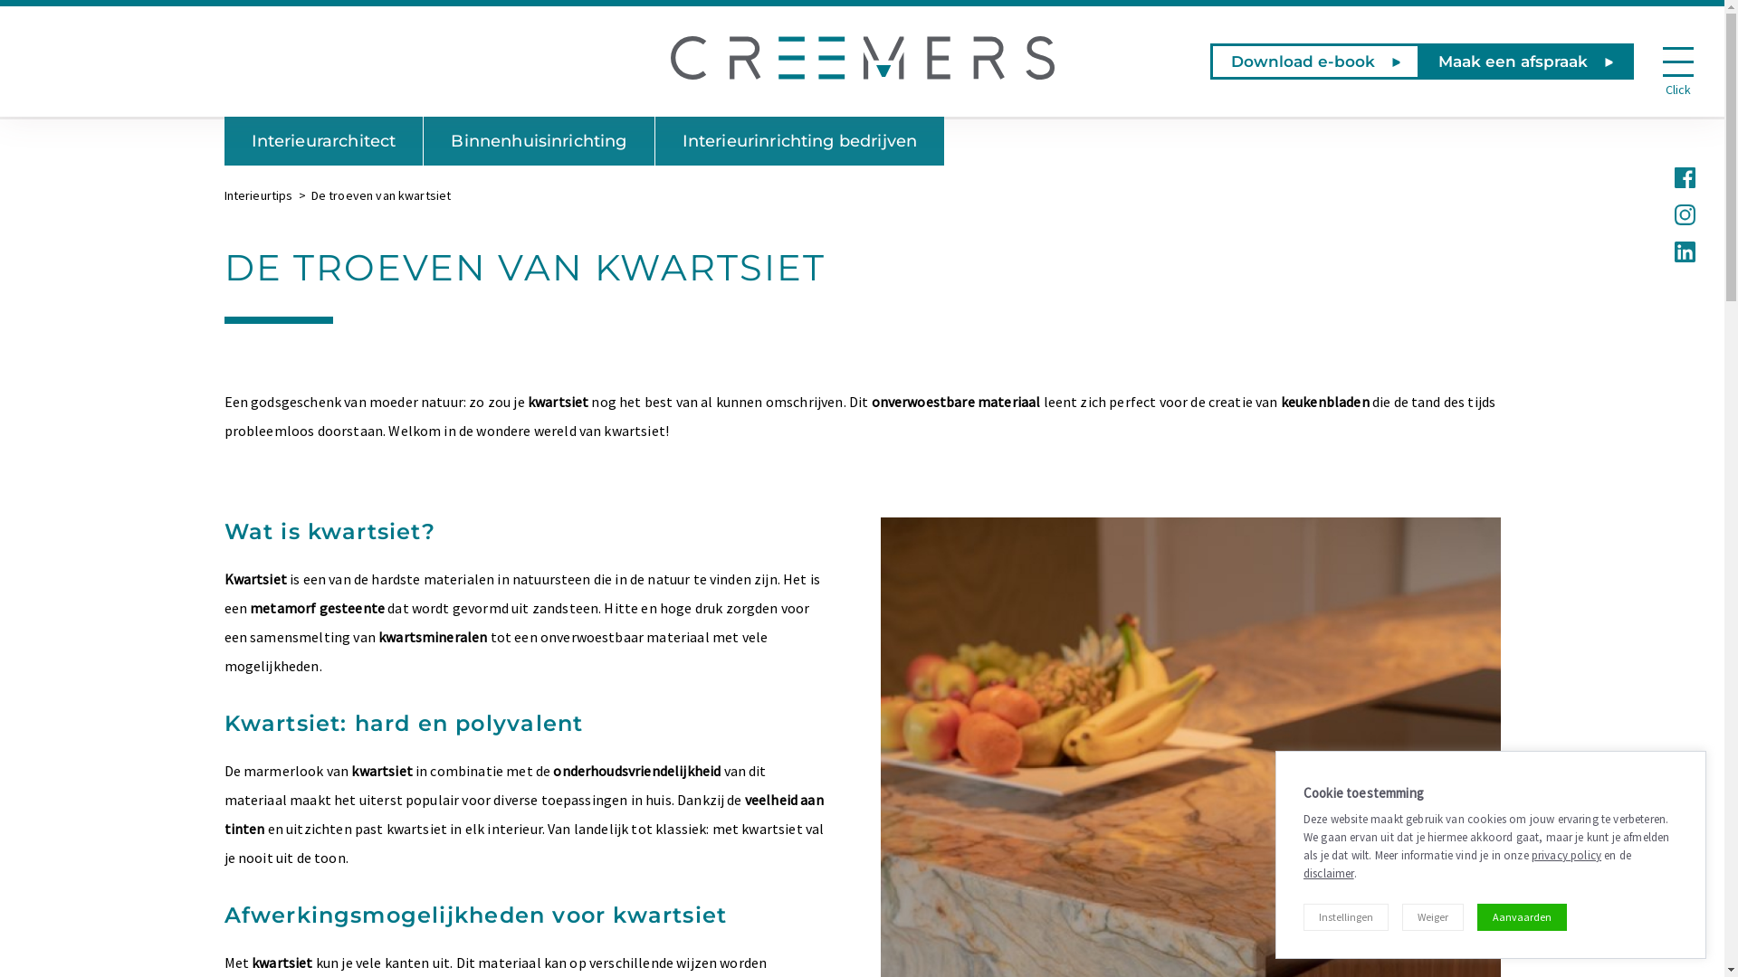 This screenshot has width=1738, height=977. I want to click on 'Interieurinrichting bedrijven', so click(798, 139).